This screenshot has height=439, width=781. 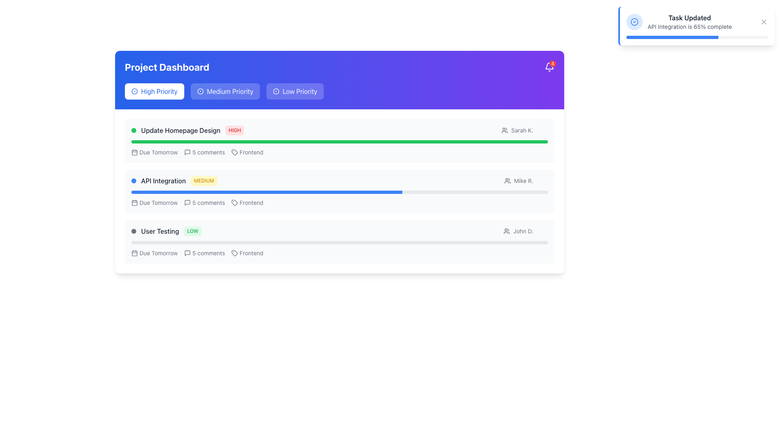 What do you see at coordinates (247, 152) in the screenshot?
I see `the label with an icon resembling a tag followed by the text 'Frontend', which is positioned in the 'Update Homepage Design' task description, to the right of 'Due Tomorrow' and '5 comments'` at bounding box center [247, 152].